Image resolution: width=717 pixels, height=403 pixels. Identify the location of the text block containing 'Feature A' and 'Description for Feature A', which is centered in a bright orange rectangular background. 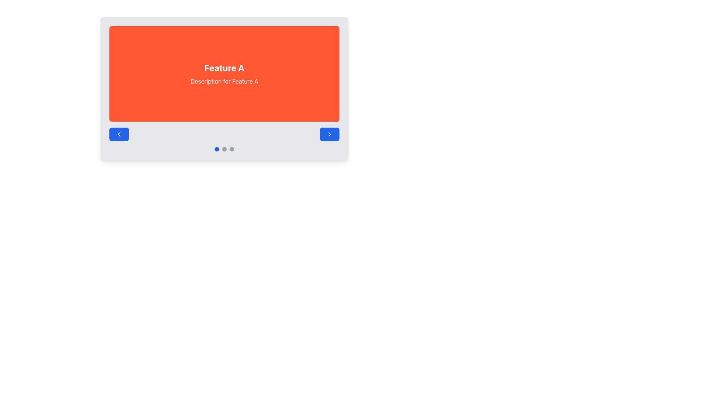
(224, 74).